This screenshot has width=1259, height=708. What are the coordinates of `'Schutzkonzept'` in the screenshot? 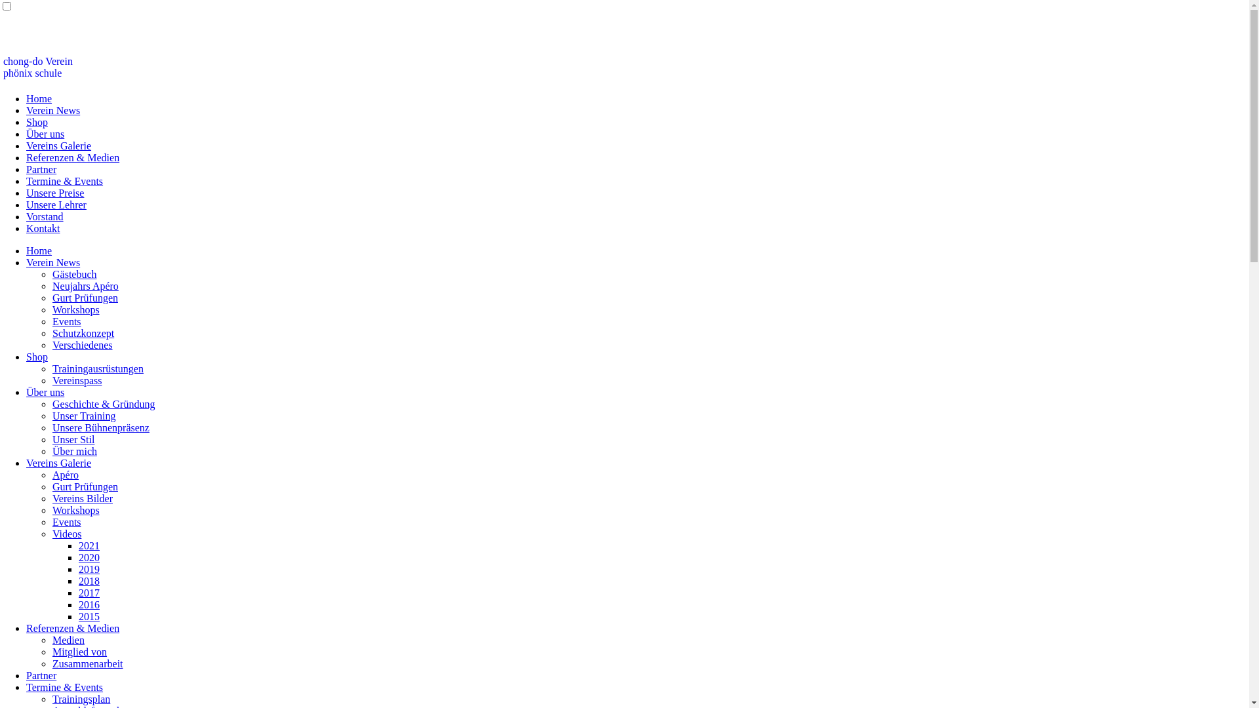 It's located at (82, 332).